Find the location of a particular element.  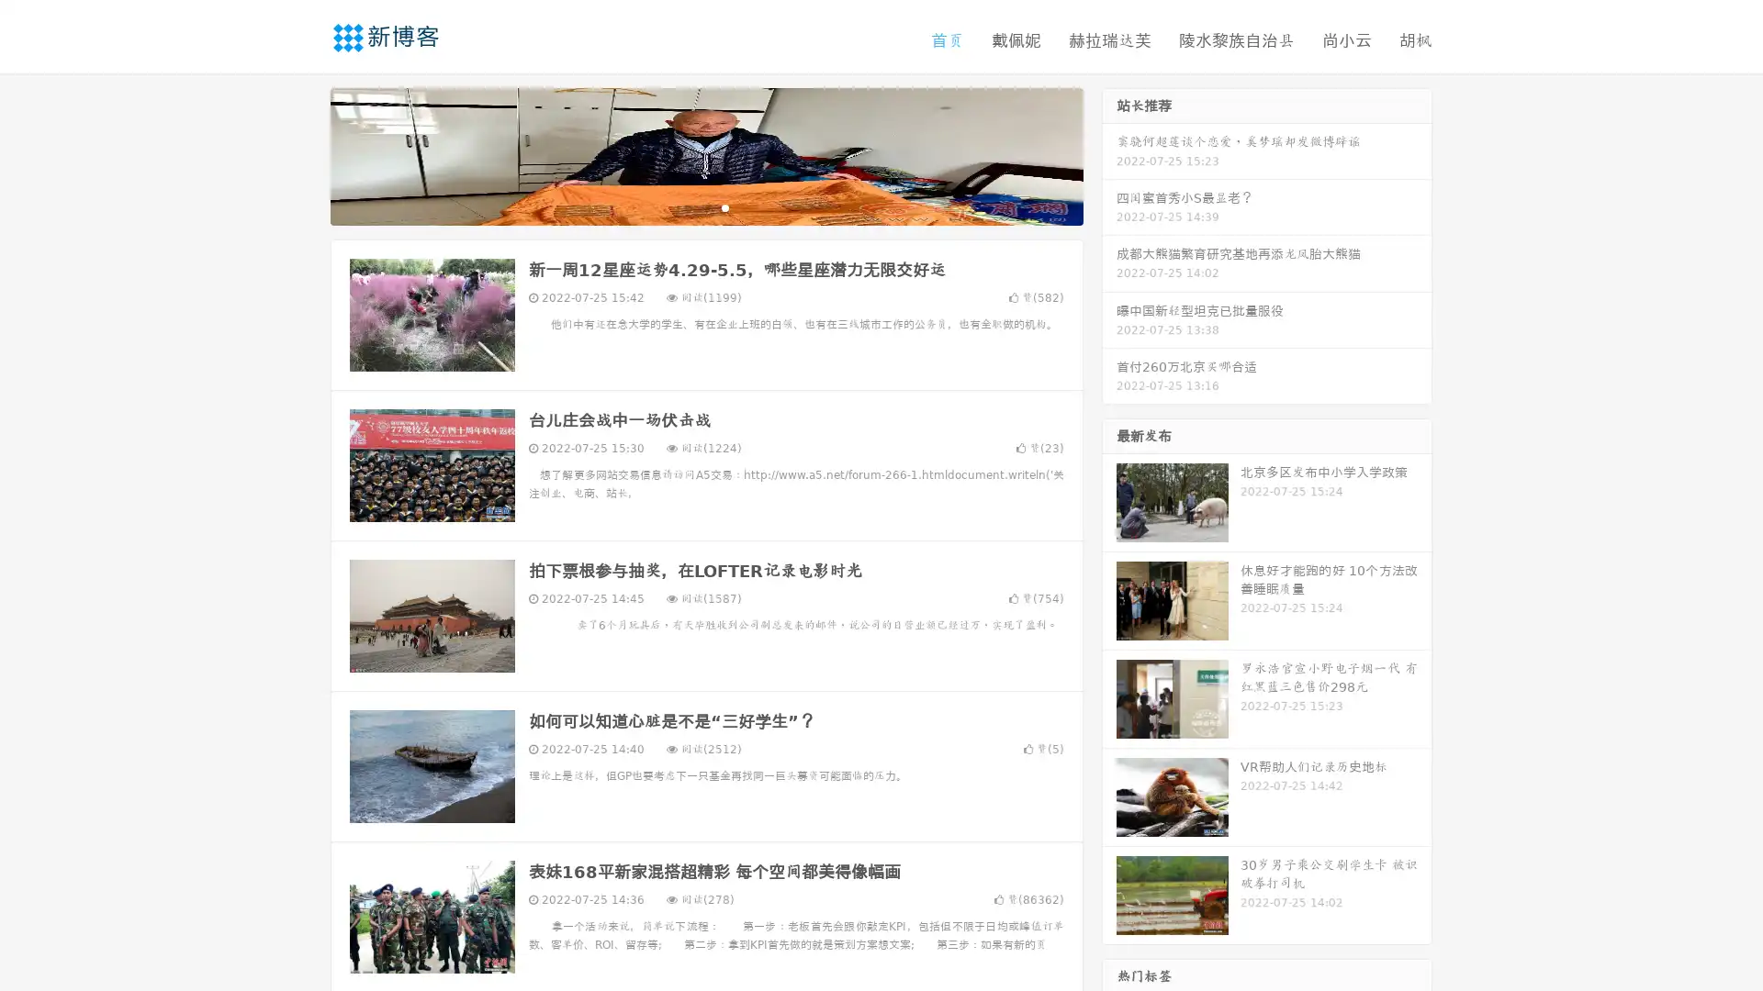

Go to slide 1 is located at coordinates (687, 206).